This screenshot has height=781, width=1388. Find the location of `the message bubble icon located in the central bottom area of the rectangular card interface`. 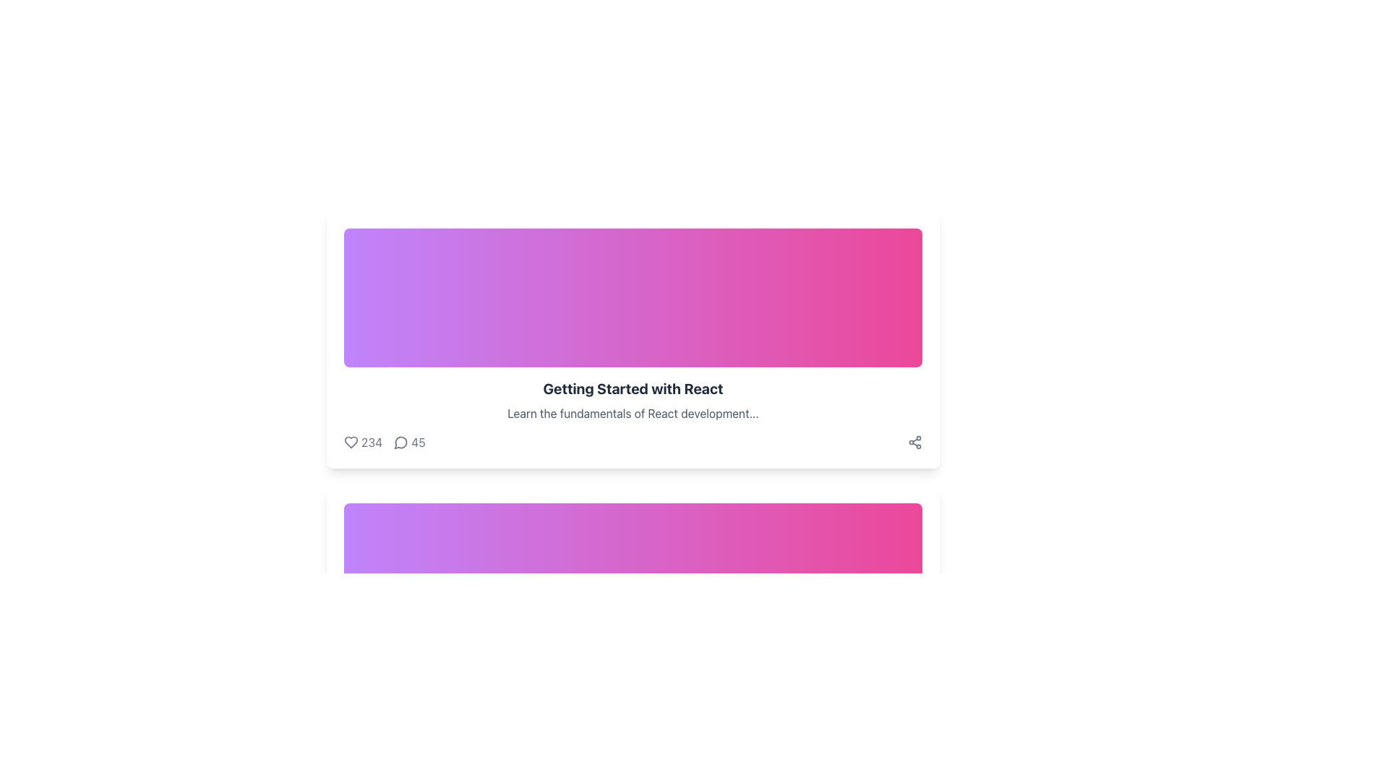

the message bubble icon located in the central bottom area of the rectangular card interface is located at coordinates (400, 442).